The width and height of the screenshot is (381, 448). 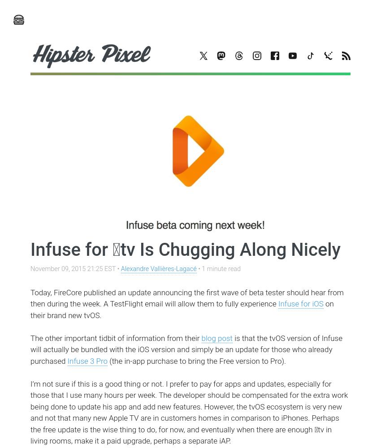 What do you see at coordinates (196, 361) in the screenshot?
I see `'(the in-app purchase to bring the Free version to Pro).'` at bounding box center [196, 361].